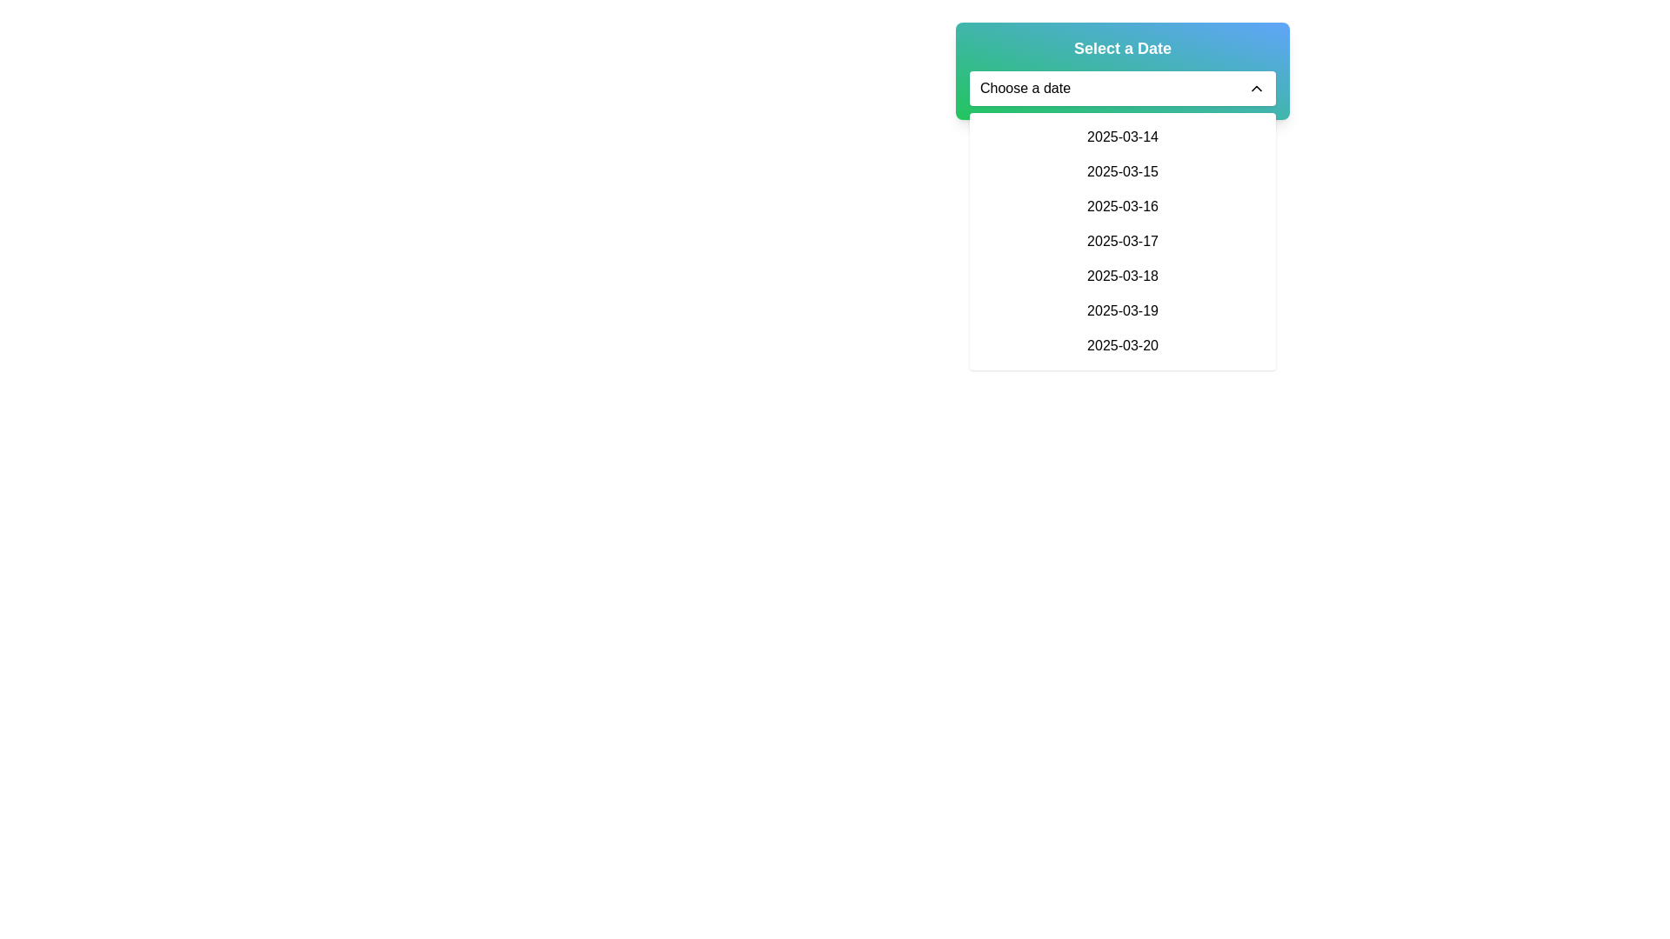 The height and width of the screenshot is (939, 1670). What do you see at coordinates (1123, 241) in the screenshot?
I see `to select the fourth date option ('2025-03-17') from the dropdown menu located below the 'Choose a date' button` at bounding box center [1123, 241].